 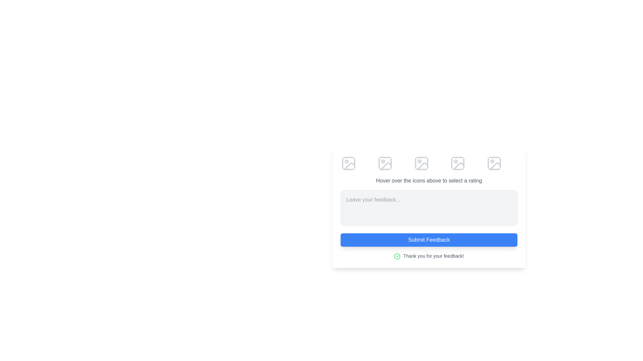 What do you see at coordinates (434, 256) in the screenshot?
I see `the static text label that displays a confirmation message after feedback submission, located below the 'Submit Feedback' button and adjacent to a checkmark icon` at bounding box center [434, 256].